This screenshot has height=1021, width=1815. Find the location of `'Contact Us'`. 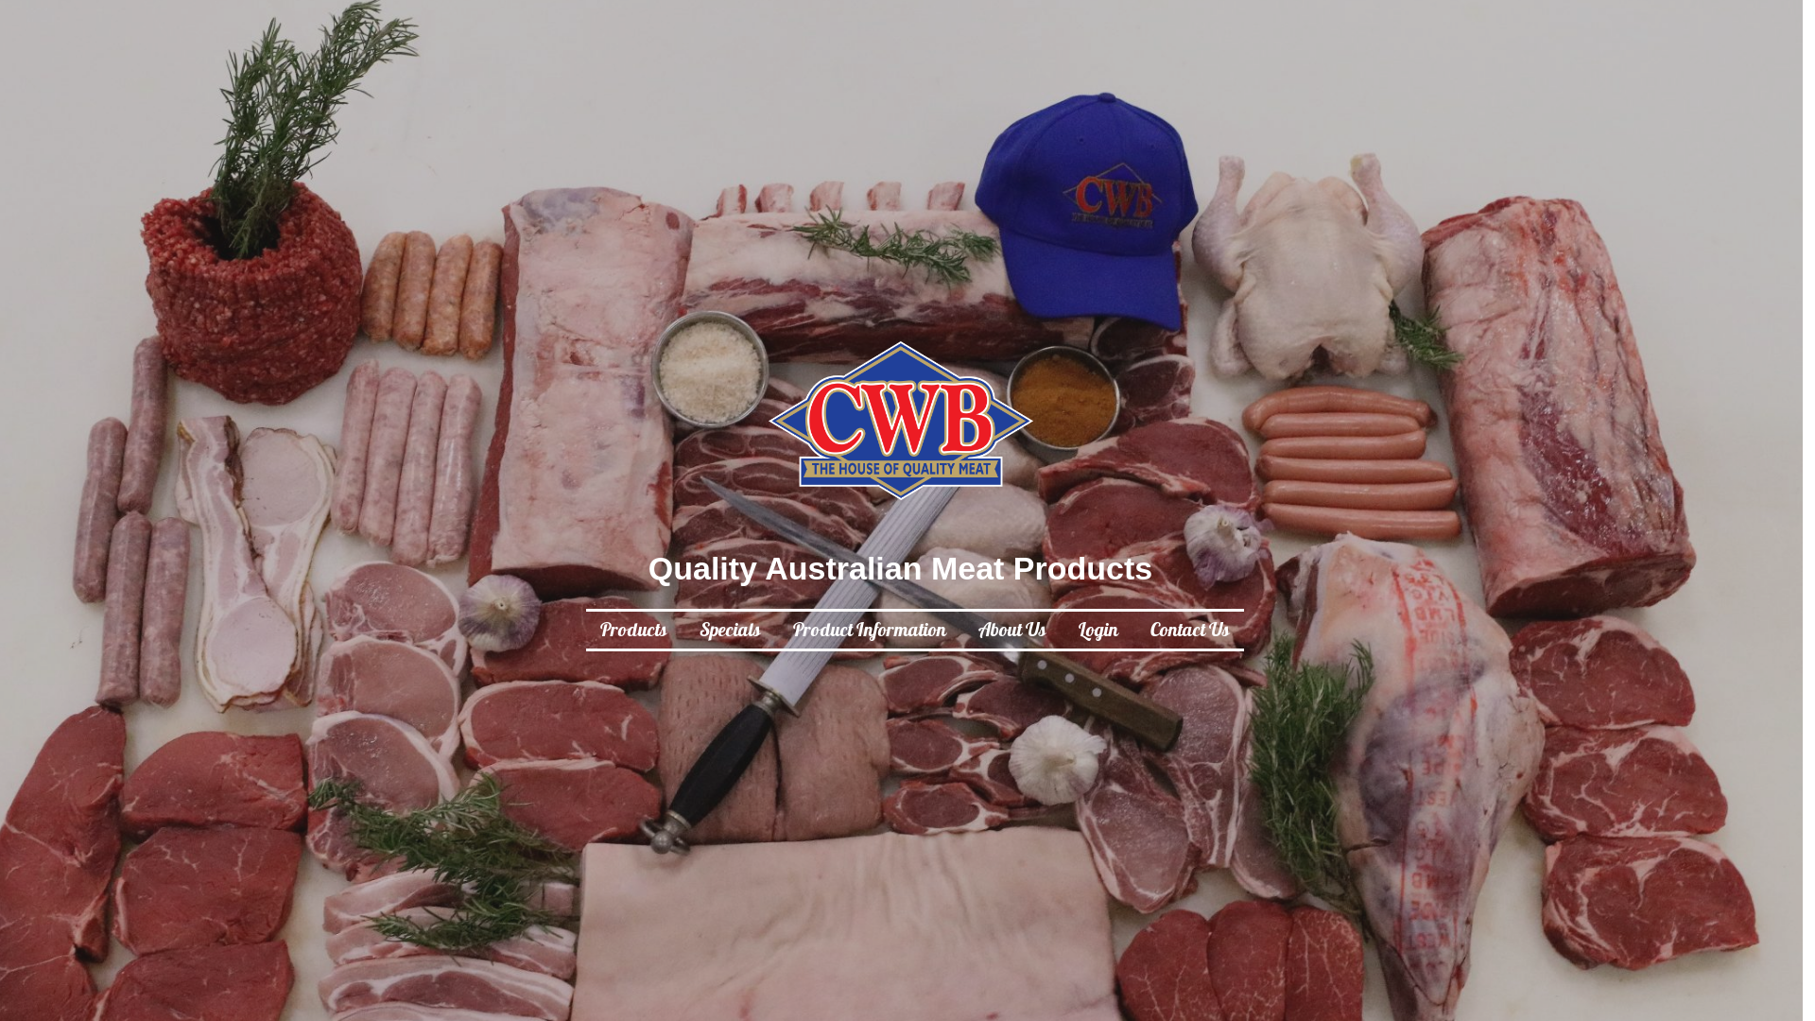

'Contact Us' is located at coordinates (1148, 632).